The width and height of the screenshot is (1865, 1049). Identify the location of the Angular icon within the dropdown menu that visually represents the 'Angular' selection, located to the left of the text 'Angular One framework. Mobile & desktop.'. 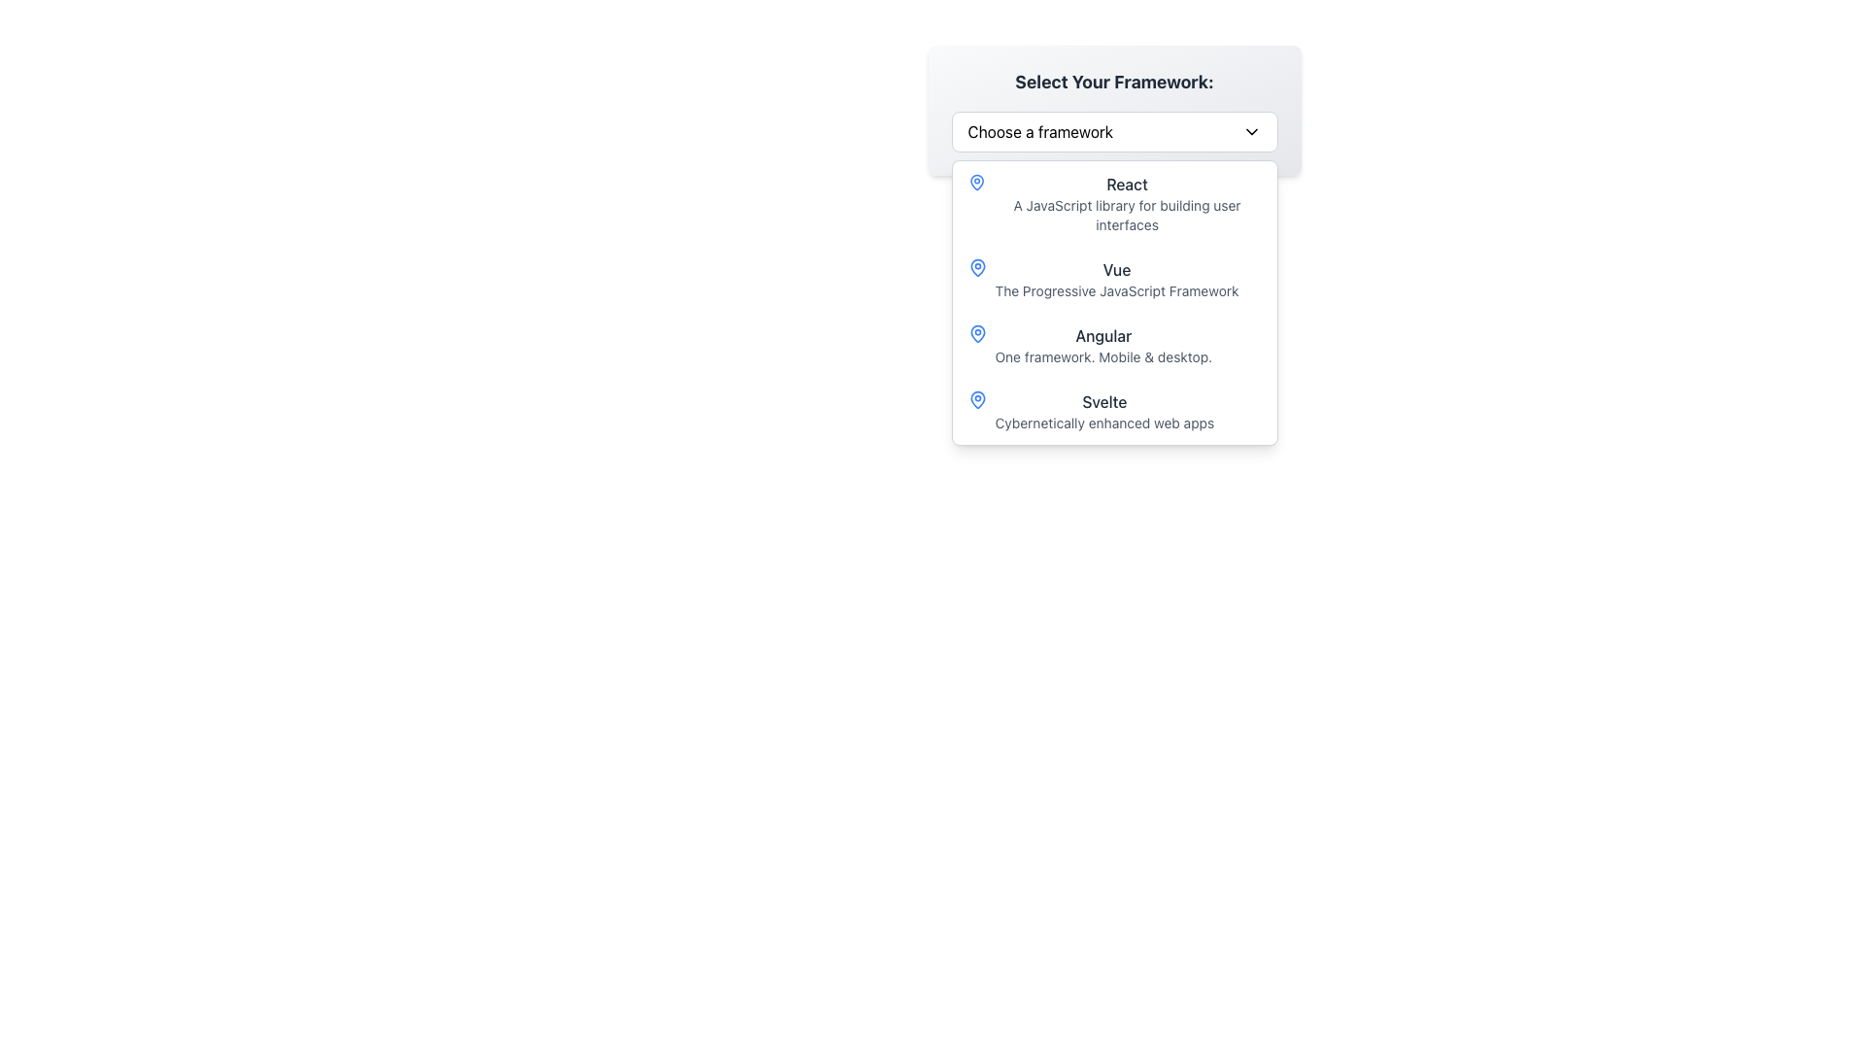
(977, 332).